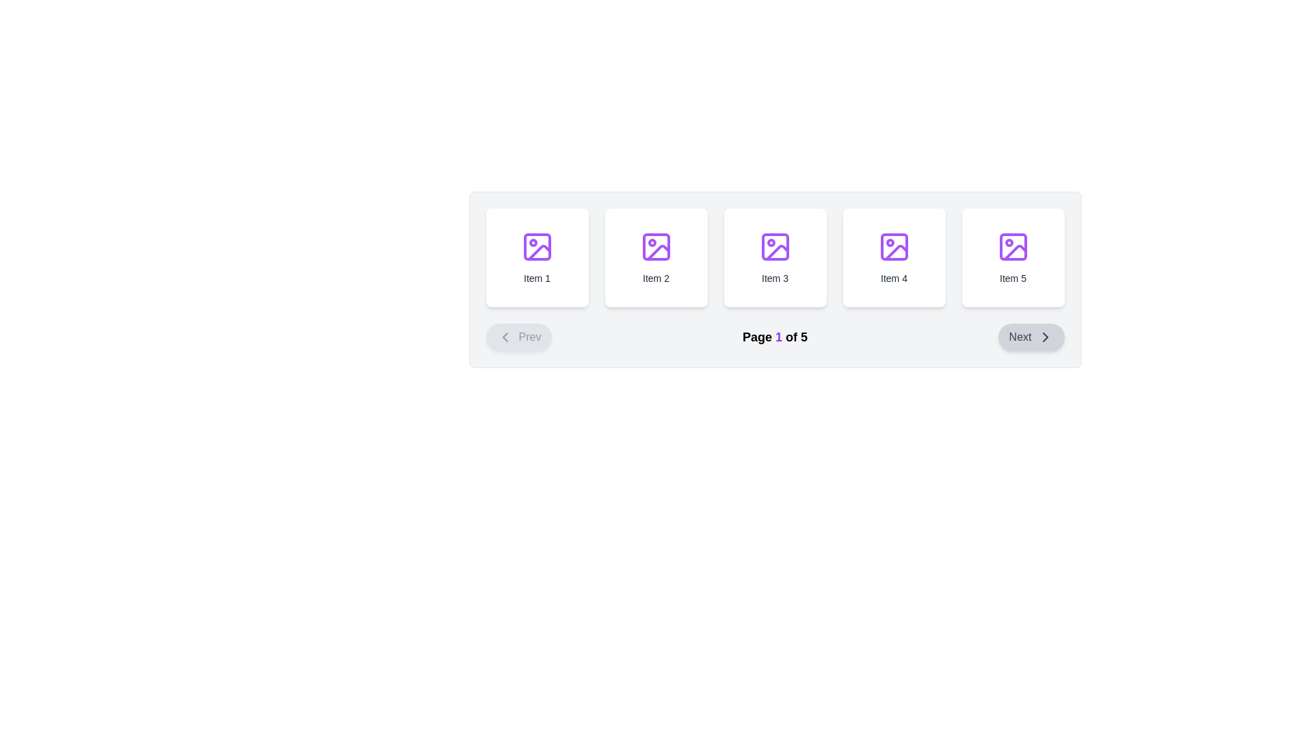 Image resolution: width=1313 pixels, height=739 pixels. Describe the element at coordinates (655, 247) in the screenshot. I see `the bright purple SVG icon depicting a picture frame with a mountain shape inside, located in the second column of the grid layout within the 'Item 2' card` at that location.